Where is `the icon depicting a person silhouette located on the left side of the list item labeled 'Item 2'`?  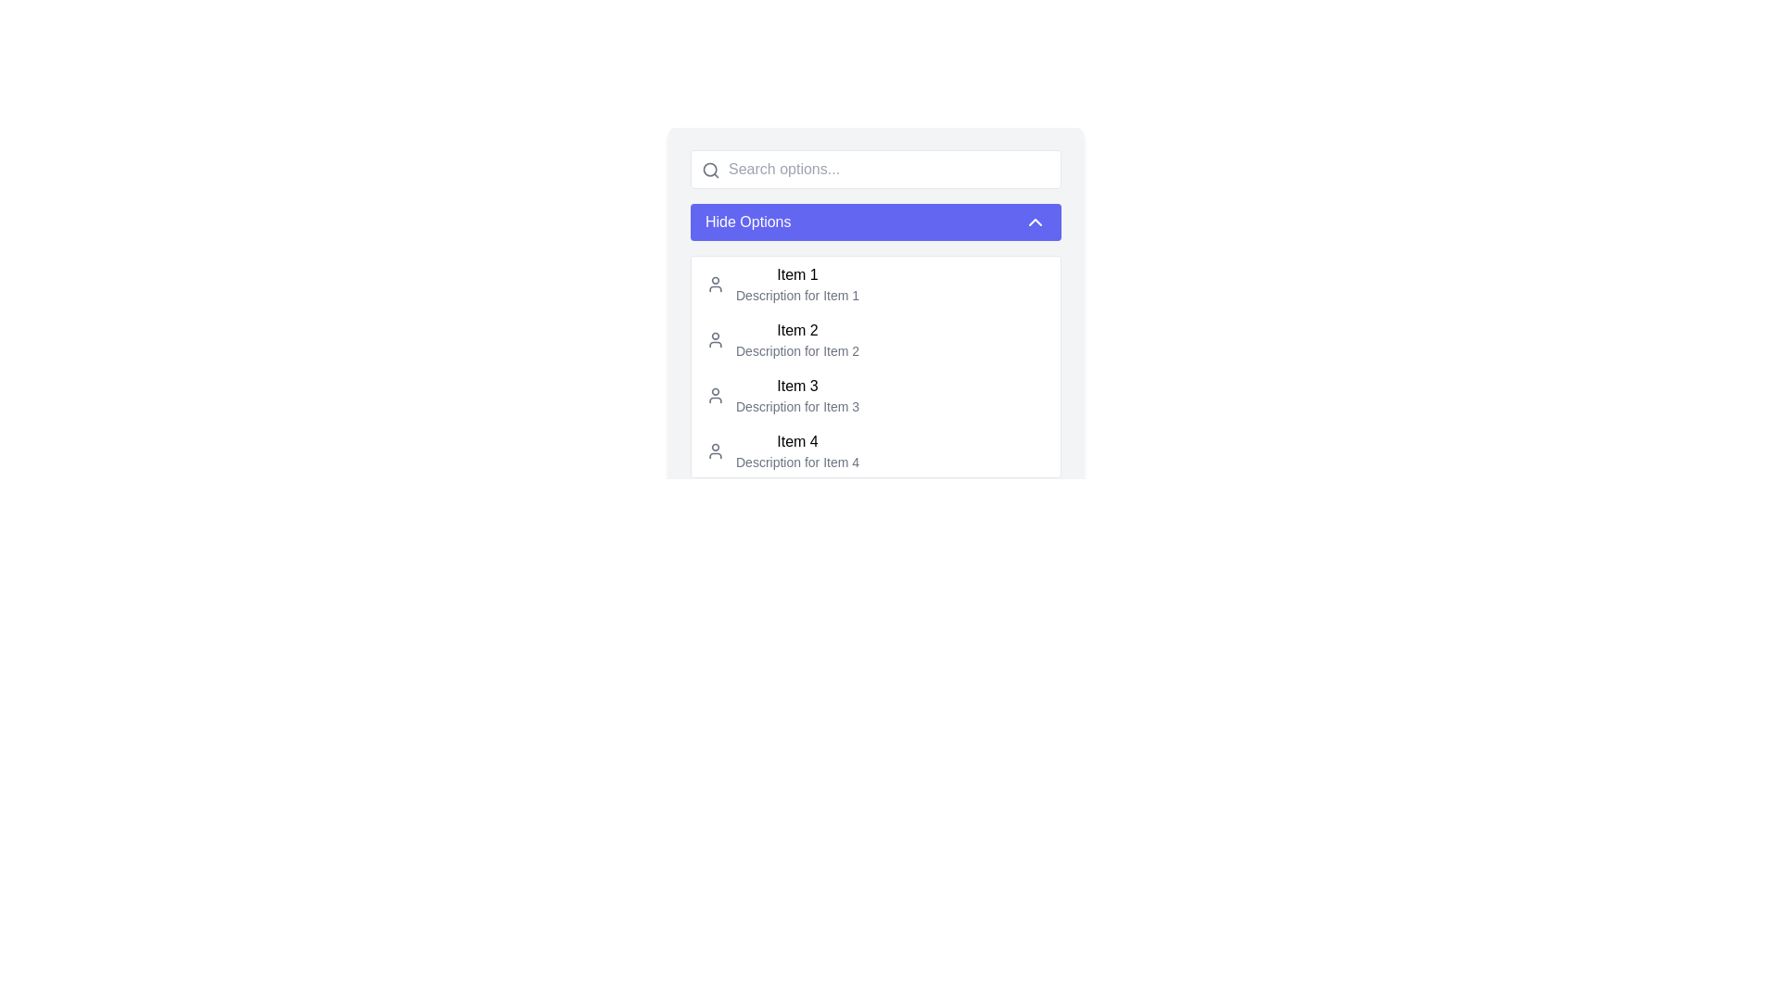 the icon depicting a person silhouette located on the left side of the list item labeled 'Item 2' is located at coordinates (715, 339).